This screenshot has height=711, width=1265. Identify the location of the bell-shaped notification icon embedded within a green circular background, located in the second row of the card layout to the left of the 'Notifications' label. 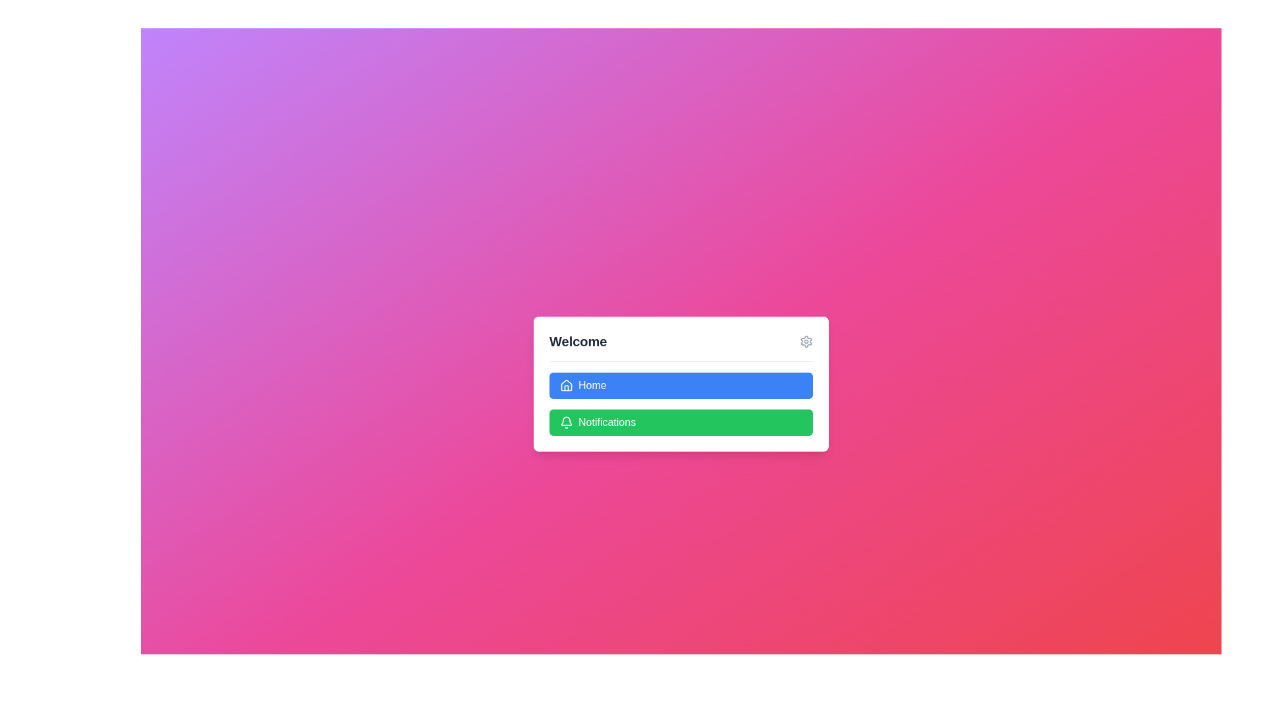
(566, 421).